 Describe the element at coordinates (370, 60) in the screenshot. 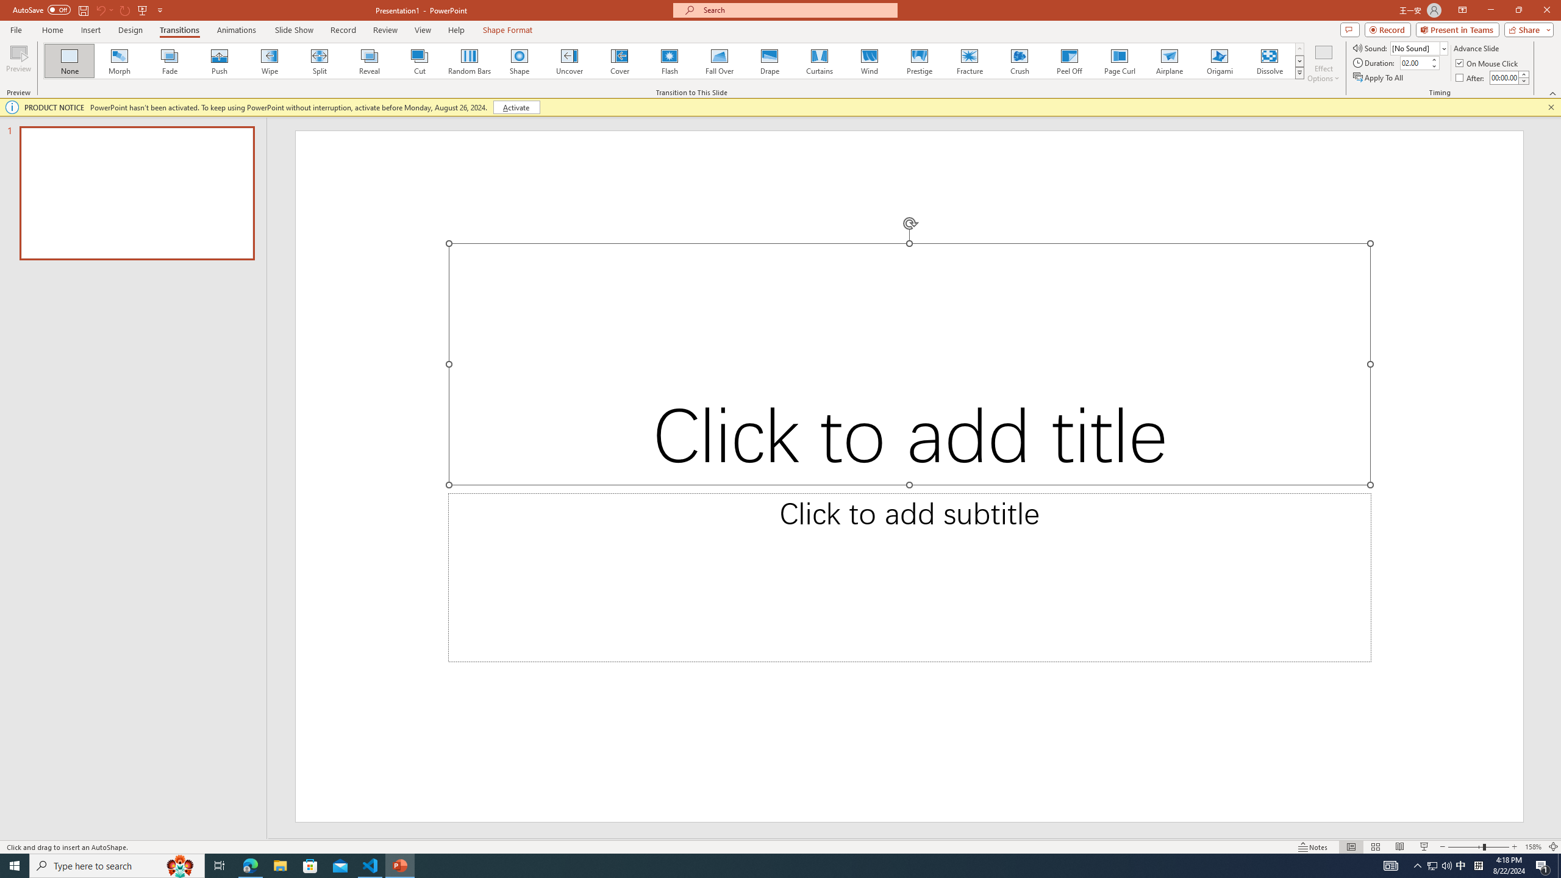

I see `'Reveal'` at that location.